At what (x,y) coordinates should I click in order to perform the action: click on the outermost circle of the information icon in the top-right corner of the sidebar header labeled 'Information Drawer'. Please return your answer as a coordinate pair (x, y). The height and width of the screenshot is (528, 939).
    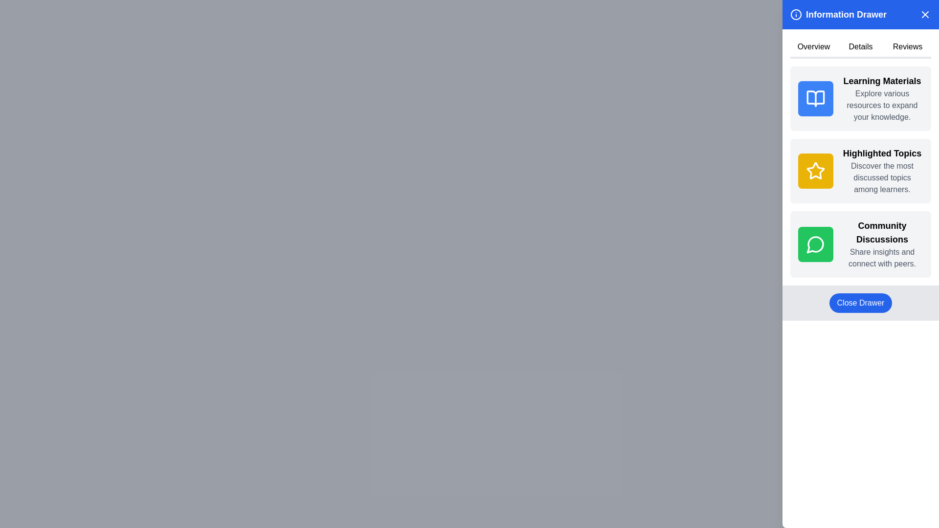
    Looking at the image, I should click on (796, 15).